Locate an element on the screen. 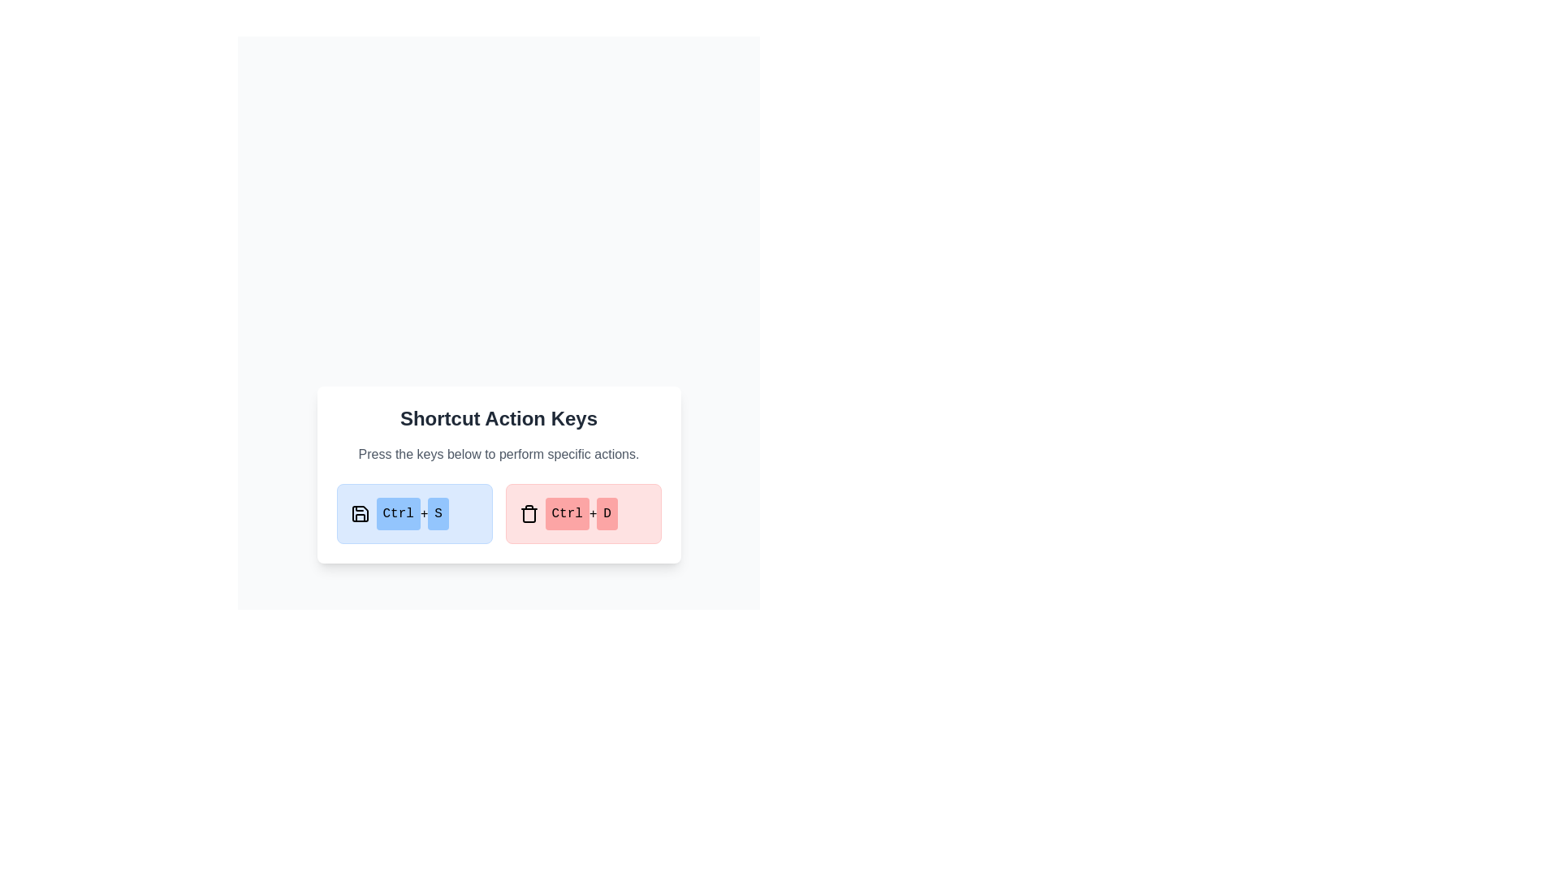 This screenshot has width=1559, height=877. the save icon, which is a floppy disk graphical representation located on the left side of the UI section labeled 'Shortcut Action Keys.' is located at coordinates (359, 513).